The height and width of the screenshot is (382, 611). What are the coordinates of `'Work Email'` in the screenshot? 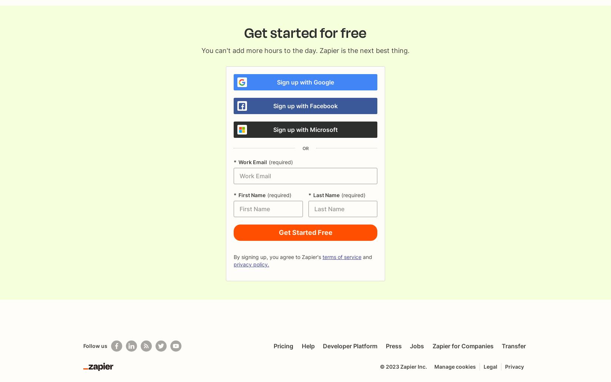 It's located at (252, 162).